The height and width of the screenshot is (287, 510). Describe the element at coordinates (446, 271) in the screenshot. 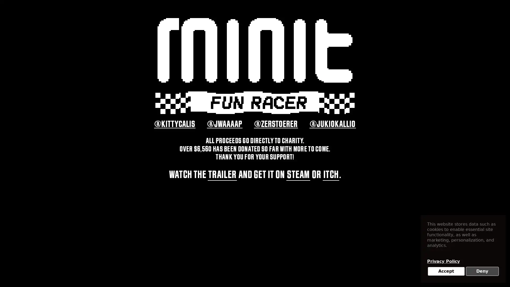

I see `Accept` at that location.